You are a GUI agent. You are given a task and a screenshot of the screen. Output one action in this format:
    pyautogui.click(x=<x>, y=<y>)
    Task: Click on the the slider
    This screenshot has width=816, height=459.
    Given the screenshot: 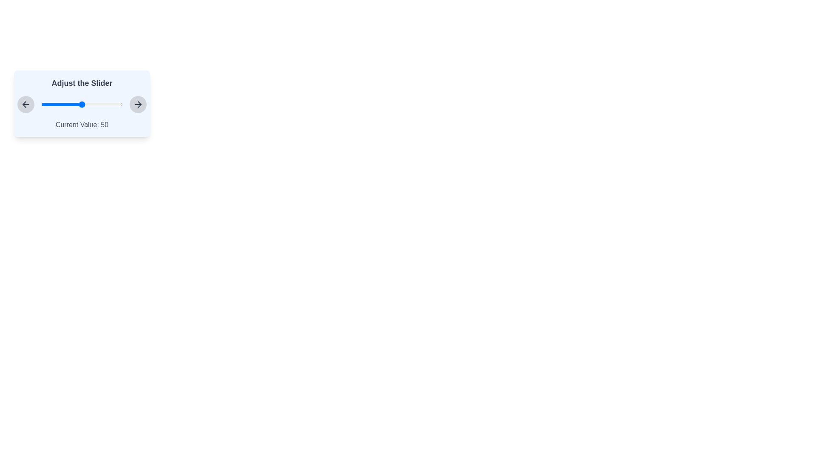 What is the action you would take?
    pyautogui.click(x=58, y=104)
    